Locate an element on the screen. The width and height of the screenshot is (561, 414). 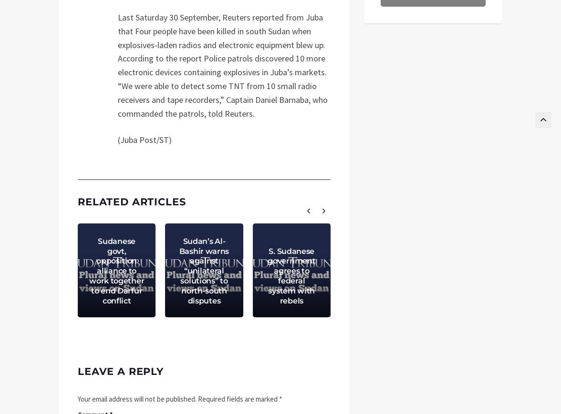
'Sudan’s Al-Bashir warns against “unilateral solutions” to north-south disputes' is located at coordinates (179, 270).